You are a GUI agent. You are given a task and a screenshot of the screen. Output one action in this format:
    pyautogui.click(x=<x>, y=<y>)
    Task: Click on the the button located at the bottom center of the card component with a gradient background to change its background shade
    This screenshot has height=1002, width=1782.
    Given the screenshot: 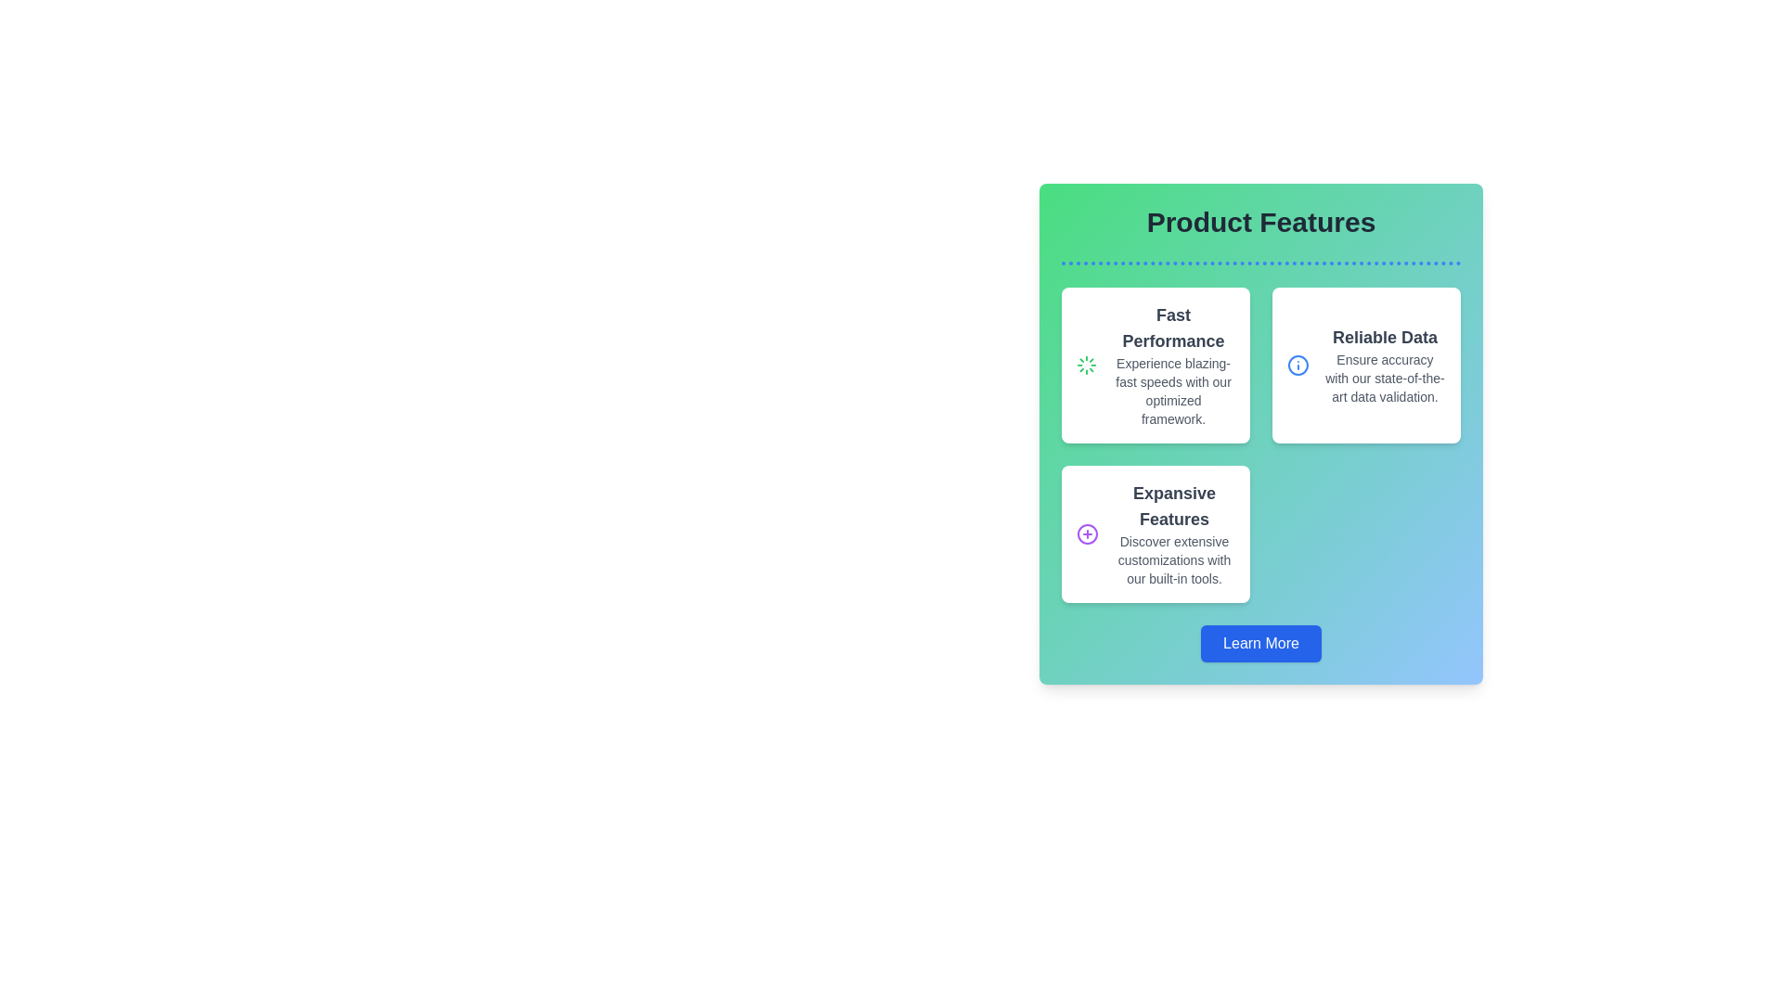 What is the action you would take?
    pyautogui.click(x=1260, y=643)
    